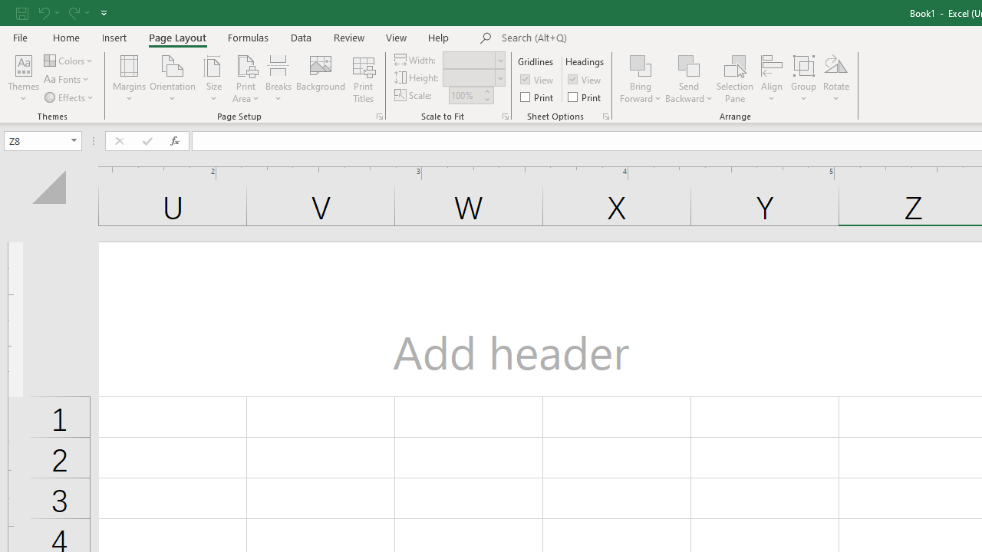 This screenshot has width=982, height=552. Describe the element at coordinates (605, 115) in the screenshot. I see `'Sheet Options'` at that location.